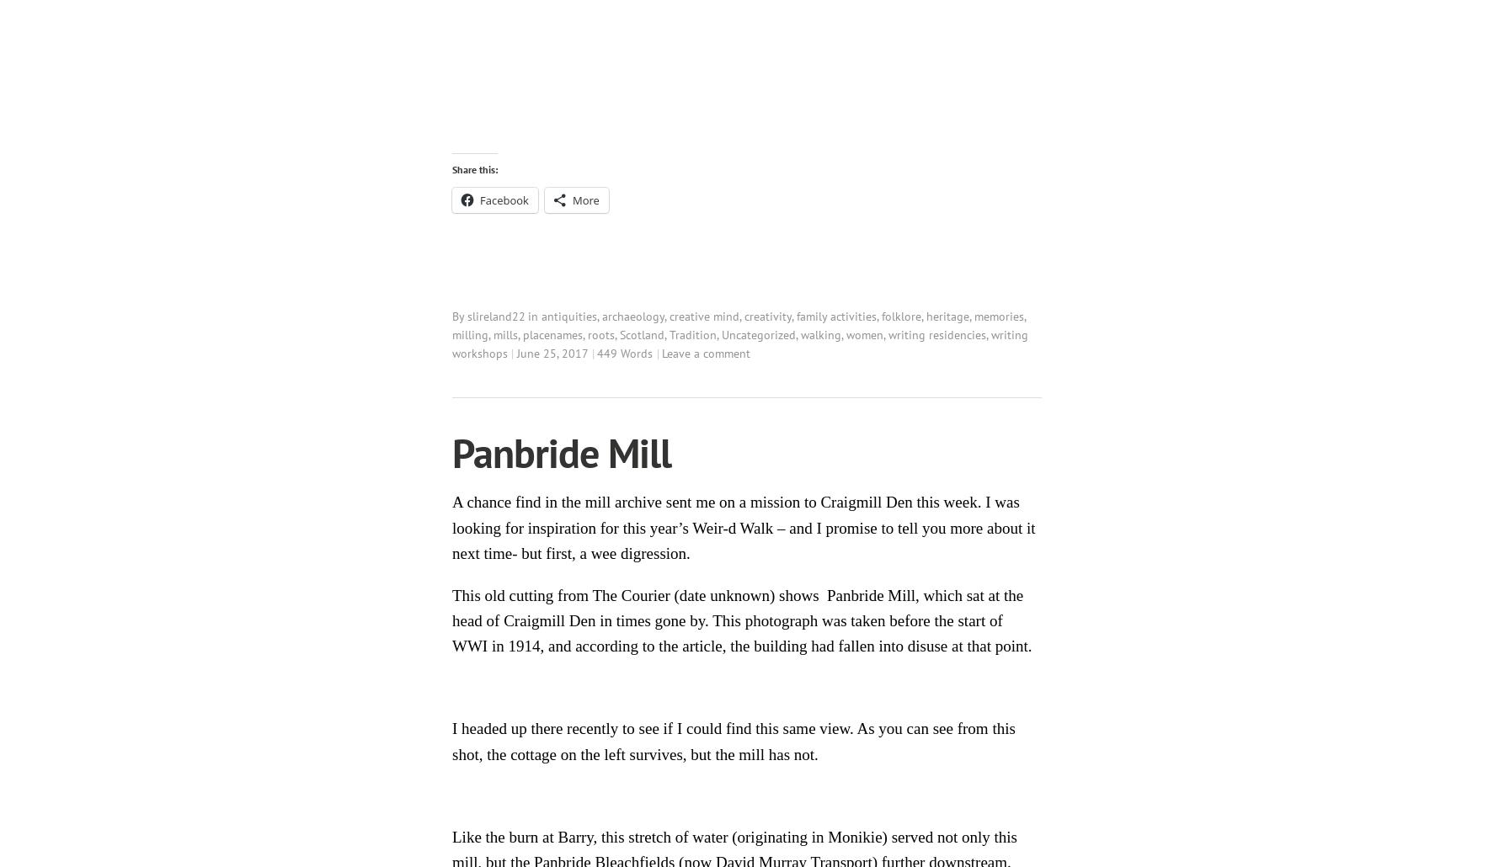  I want to click on 'June 25, 2017', so click(552, 354).